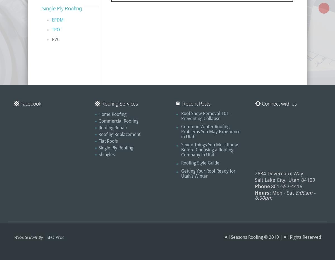  Describe the element at coordinates (279, 104) in the screenshot. I see `'Connect with us'` at that location.